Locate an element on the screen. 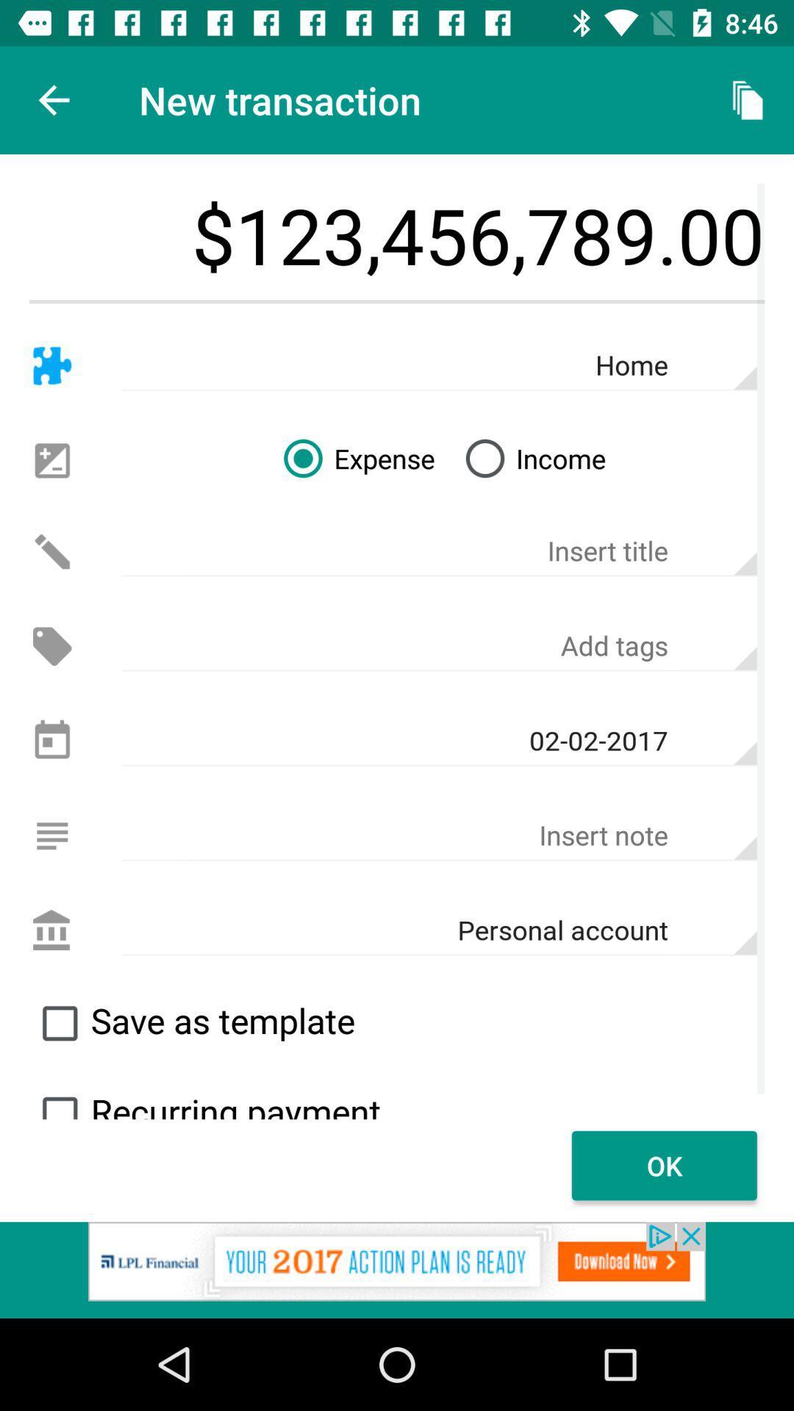 The height and width of the screenshot is (1411, 794). insert mode is located at coordinates (51, 836).